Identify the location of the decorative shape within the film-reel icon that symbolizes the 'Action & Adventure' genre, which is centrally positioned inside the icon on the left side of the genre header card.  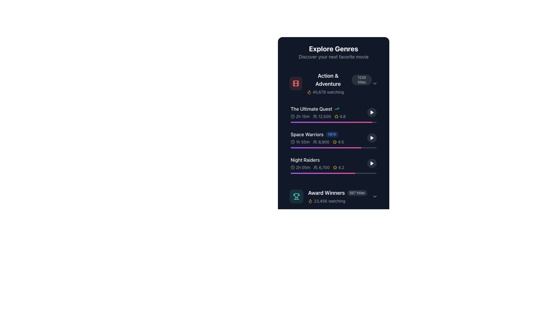
(296, 83).